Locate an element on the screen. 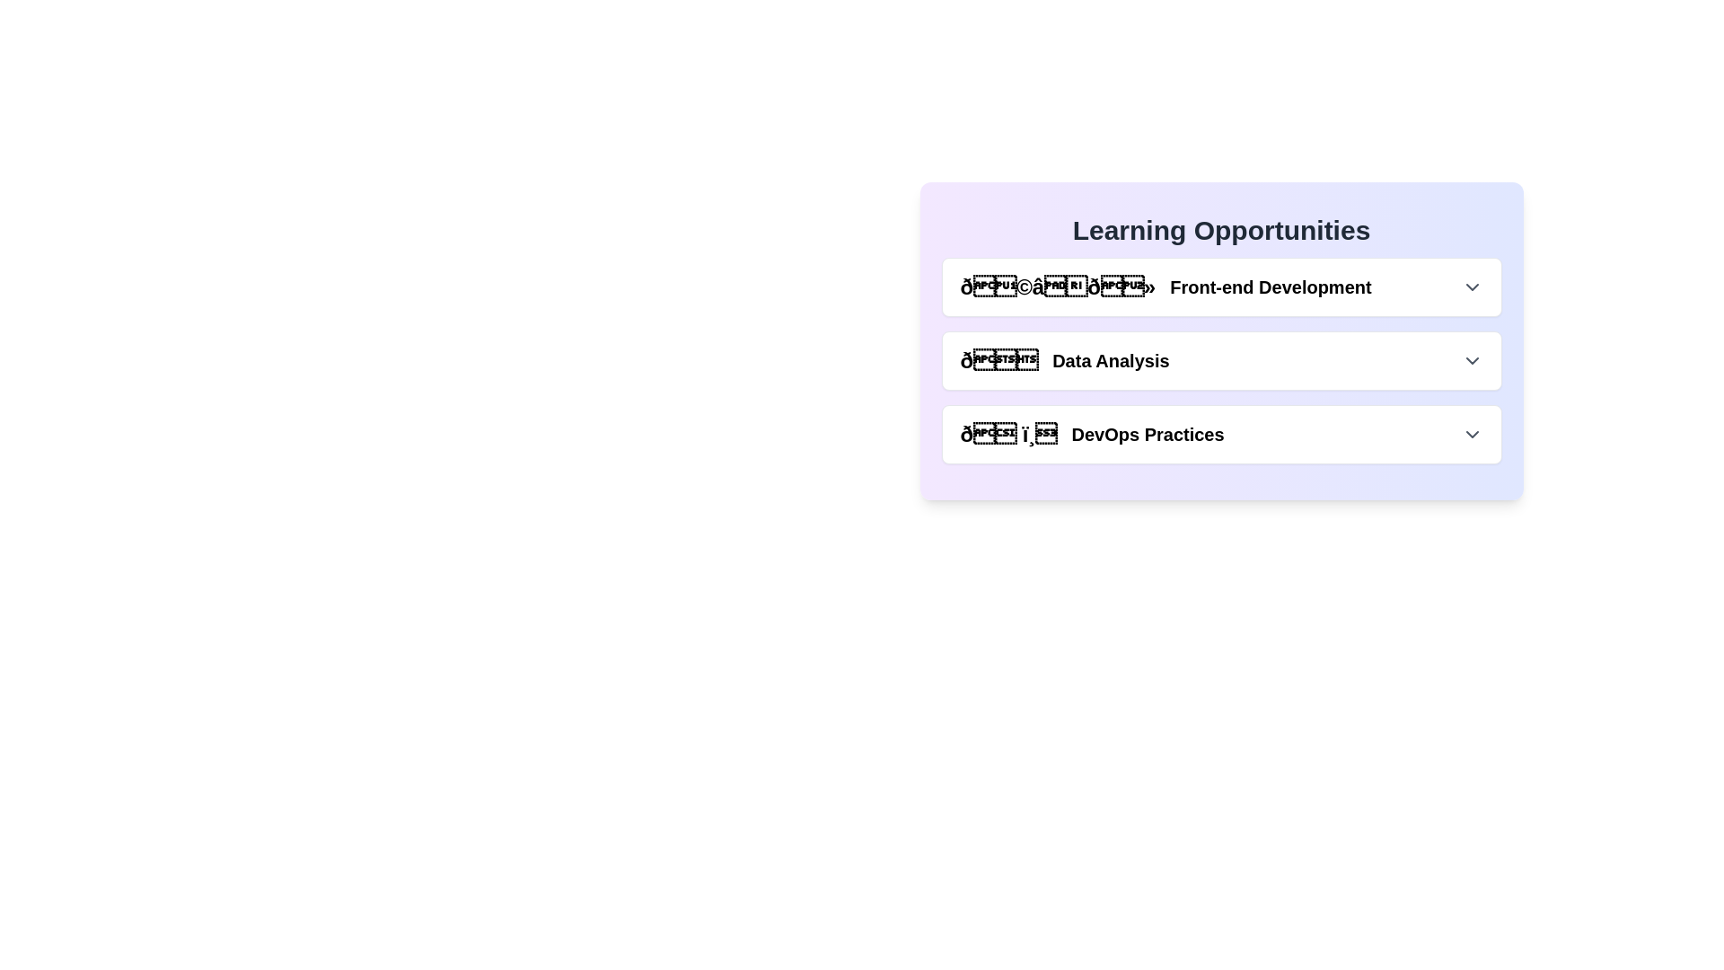  the first clickable text element labeled 'Front-end Development' is located at coordinates (1270, 287).